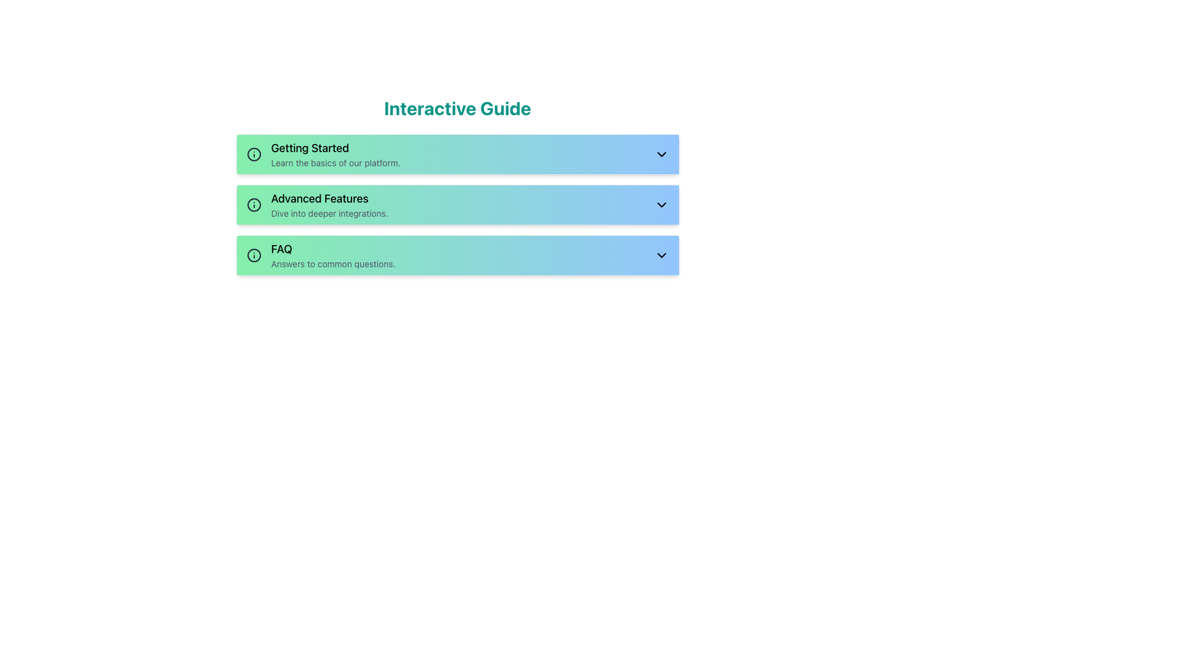 The width and height of the screenshot is (1182, 665). Describe the element at coordinates (457, 255) in the screenshot. I see `the frequently asked questions button located at the bottom of a vertical list of three components` at that location.